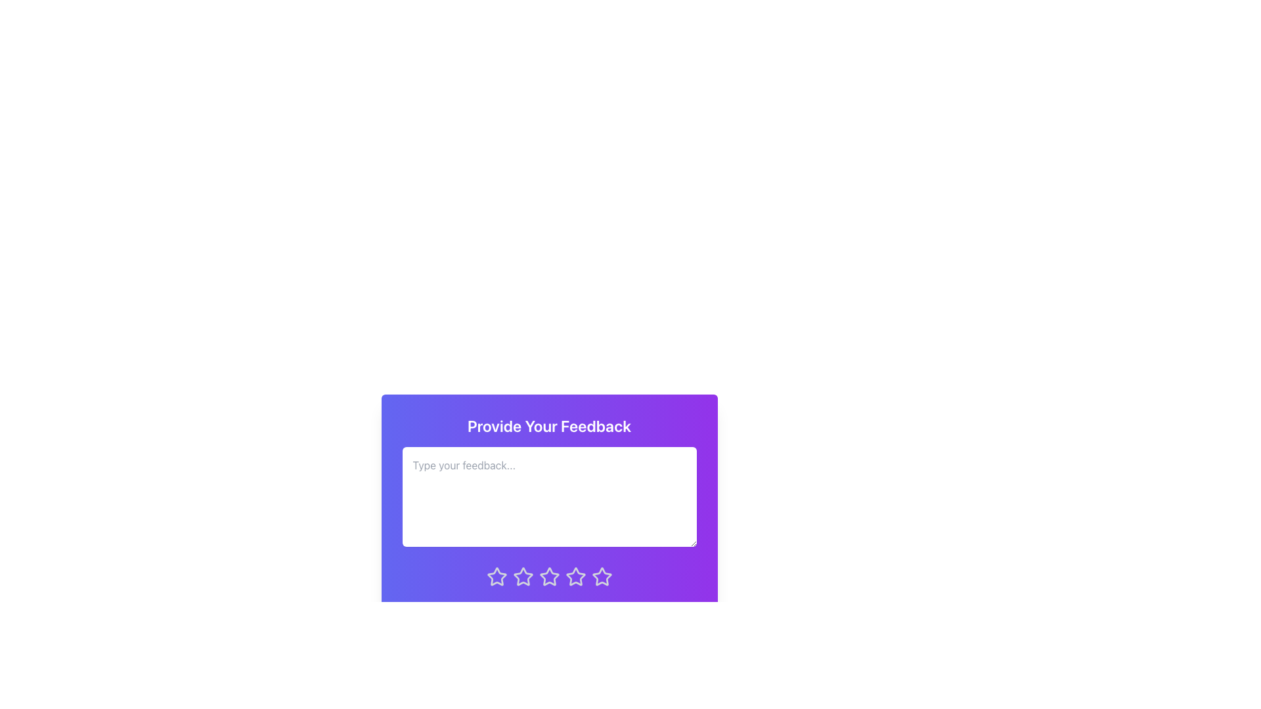 The width and height of the screenshot is (1261, 709). Describe the element at coordinates (496, 576) in the screenshot. I see `the first rating star` at that location.